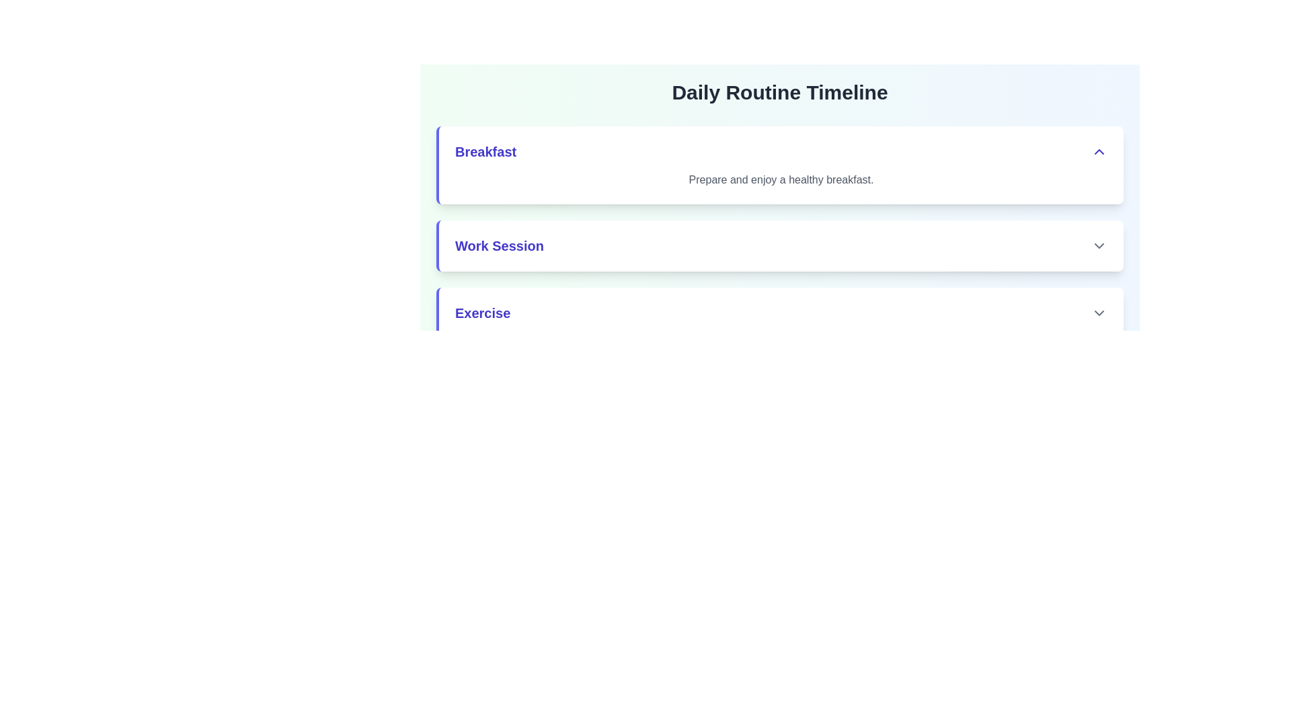 This screenshot has height=726, width=1291. What do you see at coordinates (483, 313) in the screenshot?
I see `the 'Exercise' text label, which is indigo and bold, located below the 'Work Session' section in the vertical list` at bounding box center [483, 313].